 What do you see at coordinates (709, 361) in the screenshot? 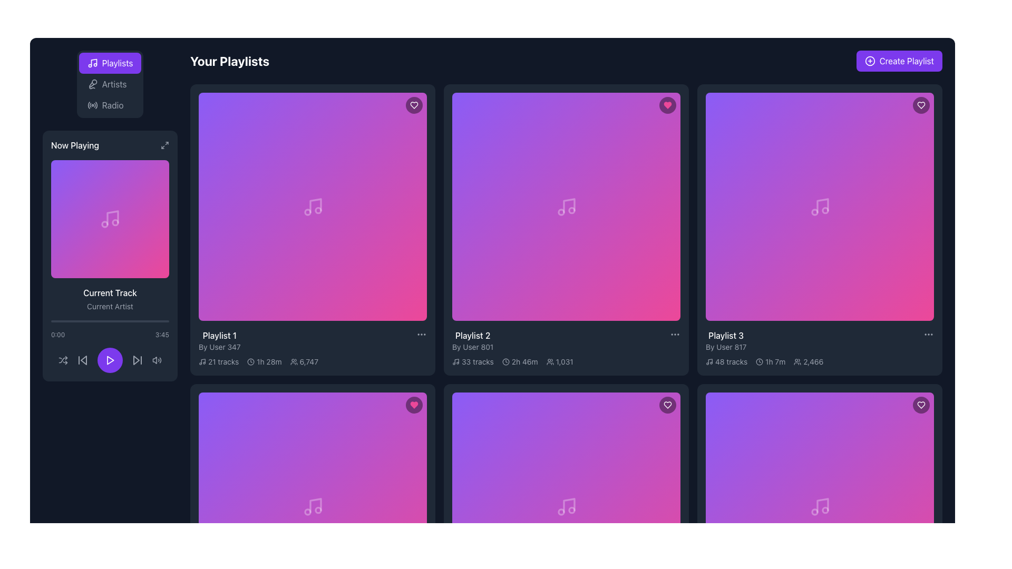
I see `the music icon located to the left of the text '48 tracks' within the description of a playlist item in the 'Your Playlists' section` at bounding box center [709, 361].